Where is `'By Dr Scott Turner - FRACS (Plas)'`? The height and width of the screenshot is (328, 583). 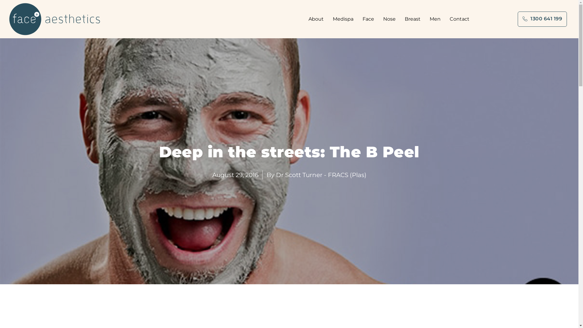
'By Dr Scott Turner - FRACS (Plas)' is located at coordinates (316, 175).